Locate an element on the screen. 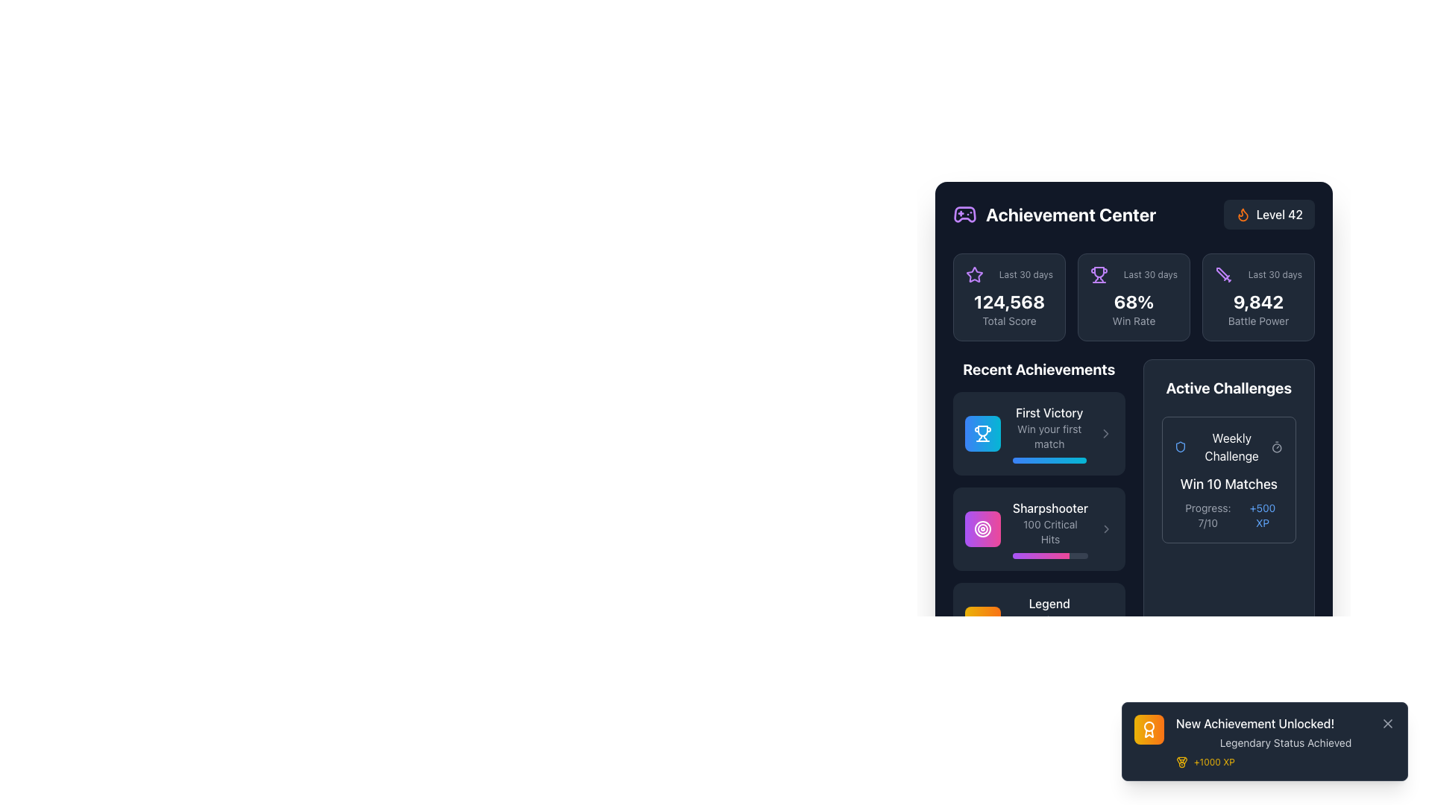 The image size is (1432, 805). the Decorative icon located in the top-right corner of the 'Active Challenges' card, which serves as a visual marker for the 'Weekly Challenge.' is located at coordinates (1179, 446).